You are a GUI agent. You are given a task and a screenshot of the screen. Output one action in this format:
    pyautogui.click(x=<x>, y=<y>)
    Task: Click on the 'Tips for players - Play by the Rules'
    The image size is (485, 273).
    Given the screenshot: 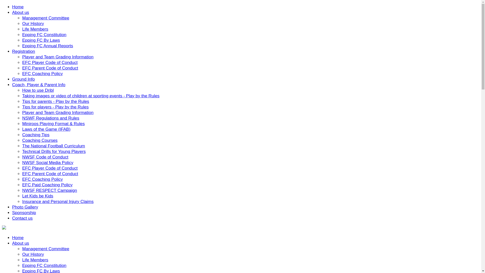 What is the action you would take?
    pyautogui.click(x=55, y=107)
    